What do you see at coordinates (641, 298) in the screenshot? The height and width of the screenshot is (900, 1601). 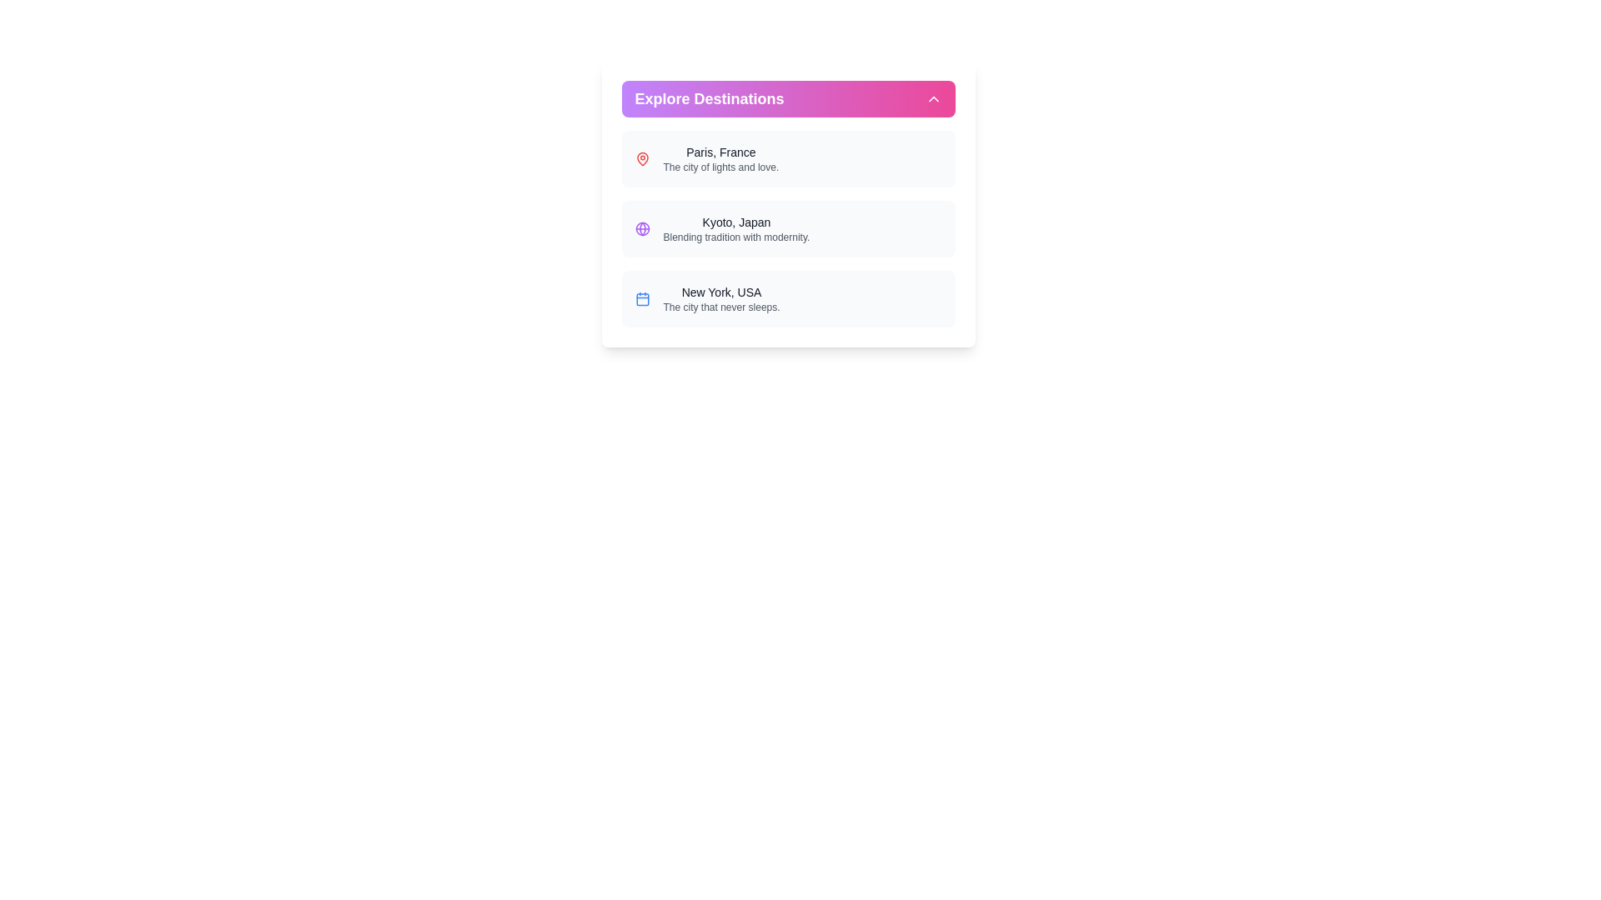 I see `the square internal component of the calendar icon, which is the third item in a vertical list of icons` at bounding box center [641, 298].